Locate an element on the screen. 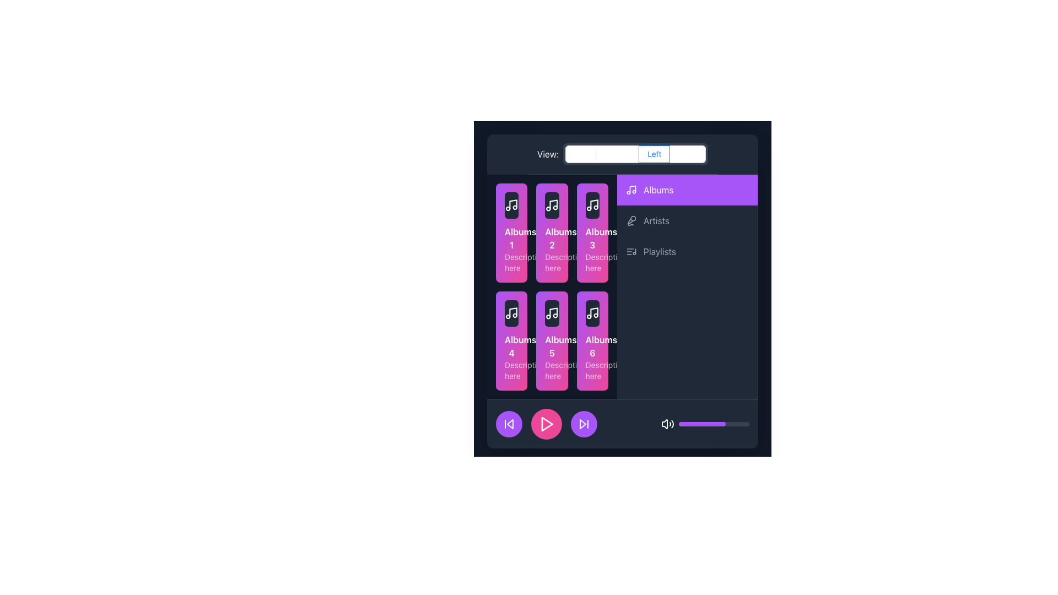  the 'Top' radio button in the group of alignment options is located at coordinates (580, 154).